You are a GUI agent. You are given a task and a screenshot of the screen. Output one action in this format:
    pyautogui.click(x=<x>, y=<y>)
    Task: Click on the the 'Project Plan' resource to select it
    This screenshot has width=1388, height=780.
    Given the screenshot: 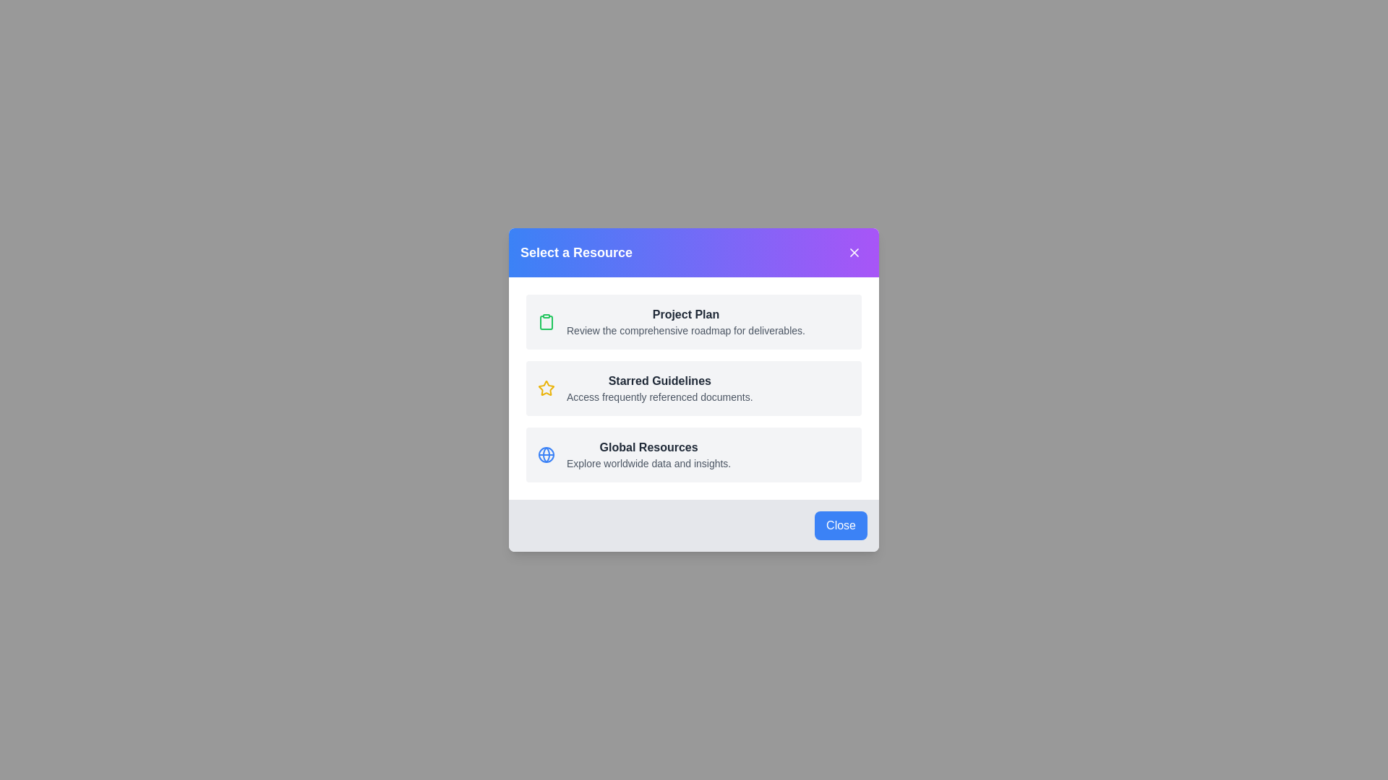 What is the action you would take?
    pyautogui.click(x=694, y=321)
    